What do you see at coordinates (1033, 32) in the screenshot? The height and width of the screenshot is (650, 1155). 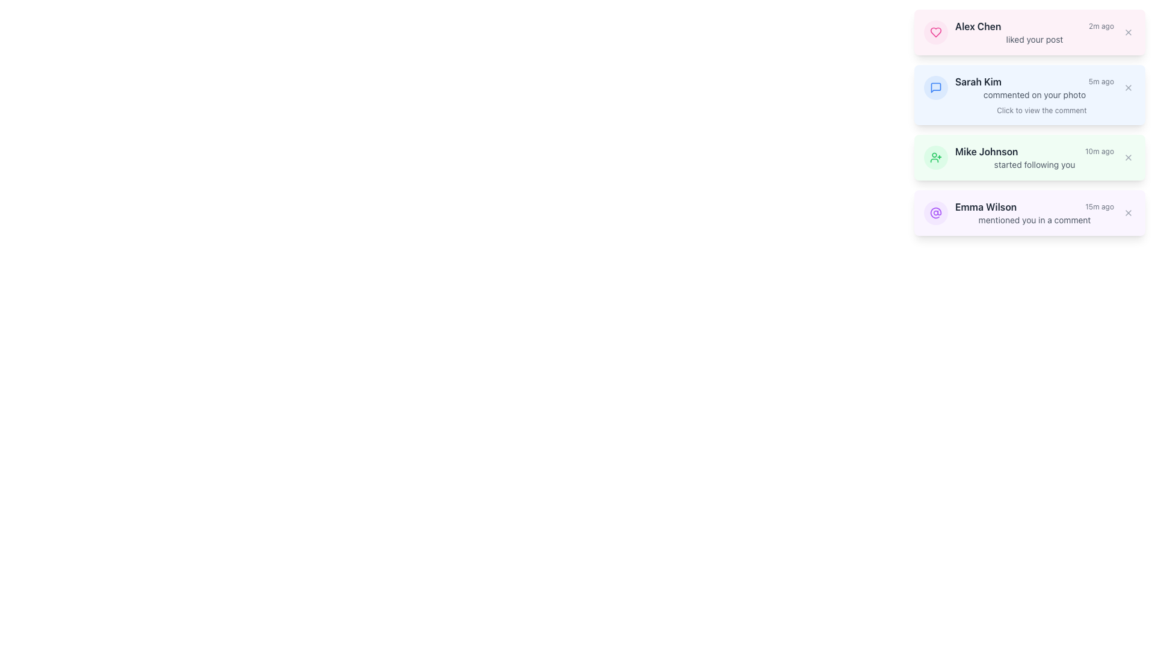 I see `the Notification item displaying 'Alex Chen liked your post' with a light pink background, positioned at the top of the notifications list` at bounding box center [1033, 32].